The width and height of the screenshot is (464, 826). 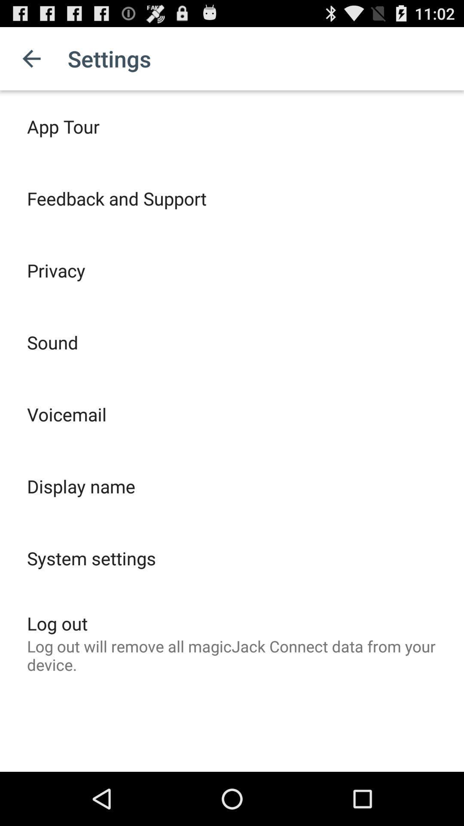 What do you see at coordinates (81, 486) in the screenshot?
I see `item above system settings icon` at bounding box center [81, 486].